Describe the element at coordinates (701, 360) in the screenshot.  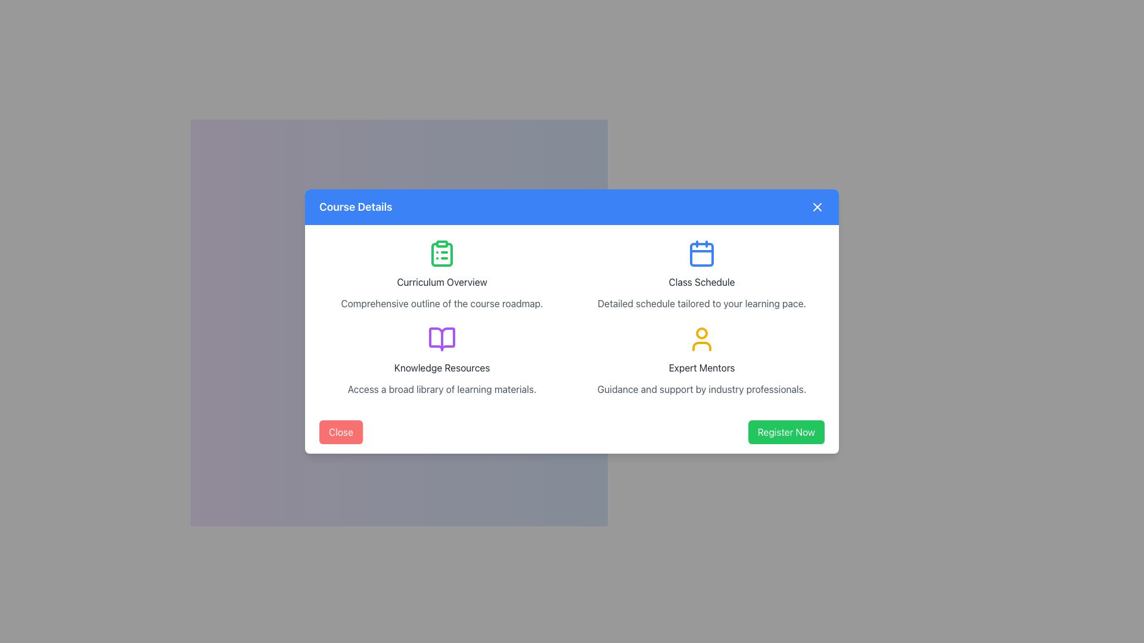
I see `the 'Expert Mentors' informational card located in the bottom-right quadrant of the interface` at that location.